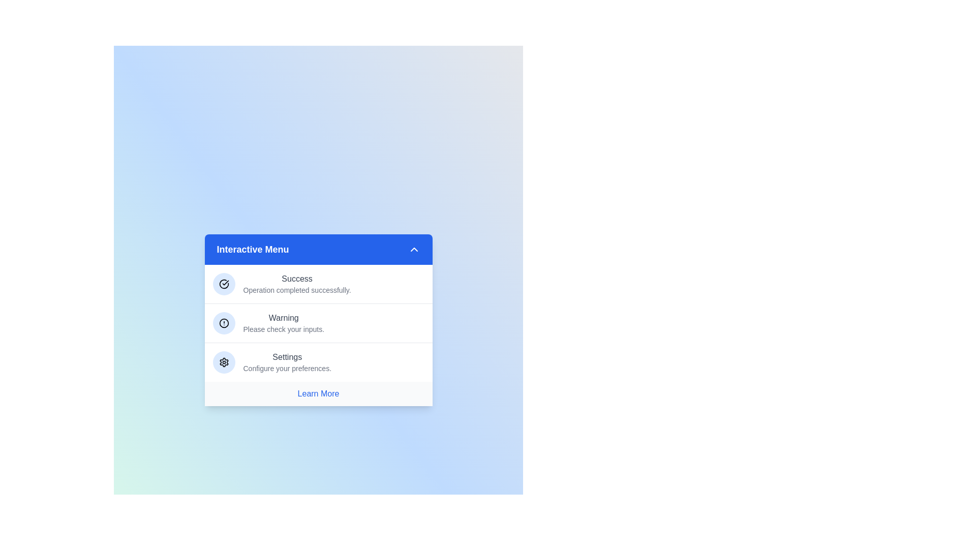 This screenshot has width=976, height=549. I want to click on the menu item labeled 'Settings', so click(318, 361).